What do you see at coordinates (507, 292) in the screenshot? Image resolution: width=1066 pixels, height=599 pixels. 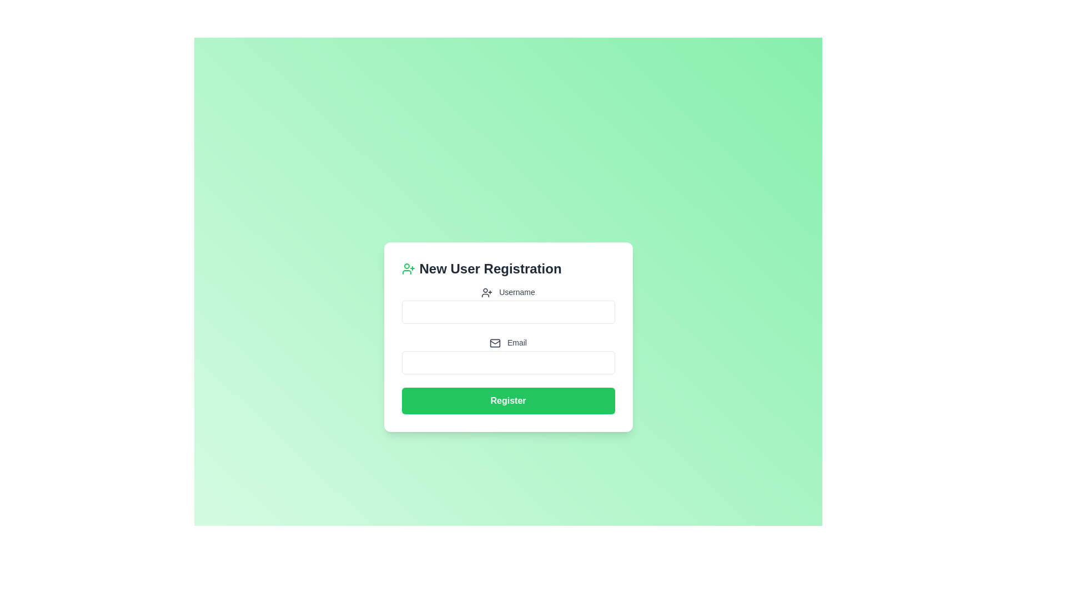 I see `the label that describes the purpose of the adjoining input field for entering a username, located at the top section of the form interface above the username input box` at bounding box center [507, 292].